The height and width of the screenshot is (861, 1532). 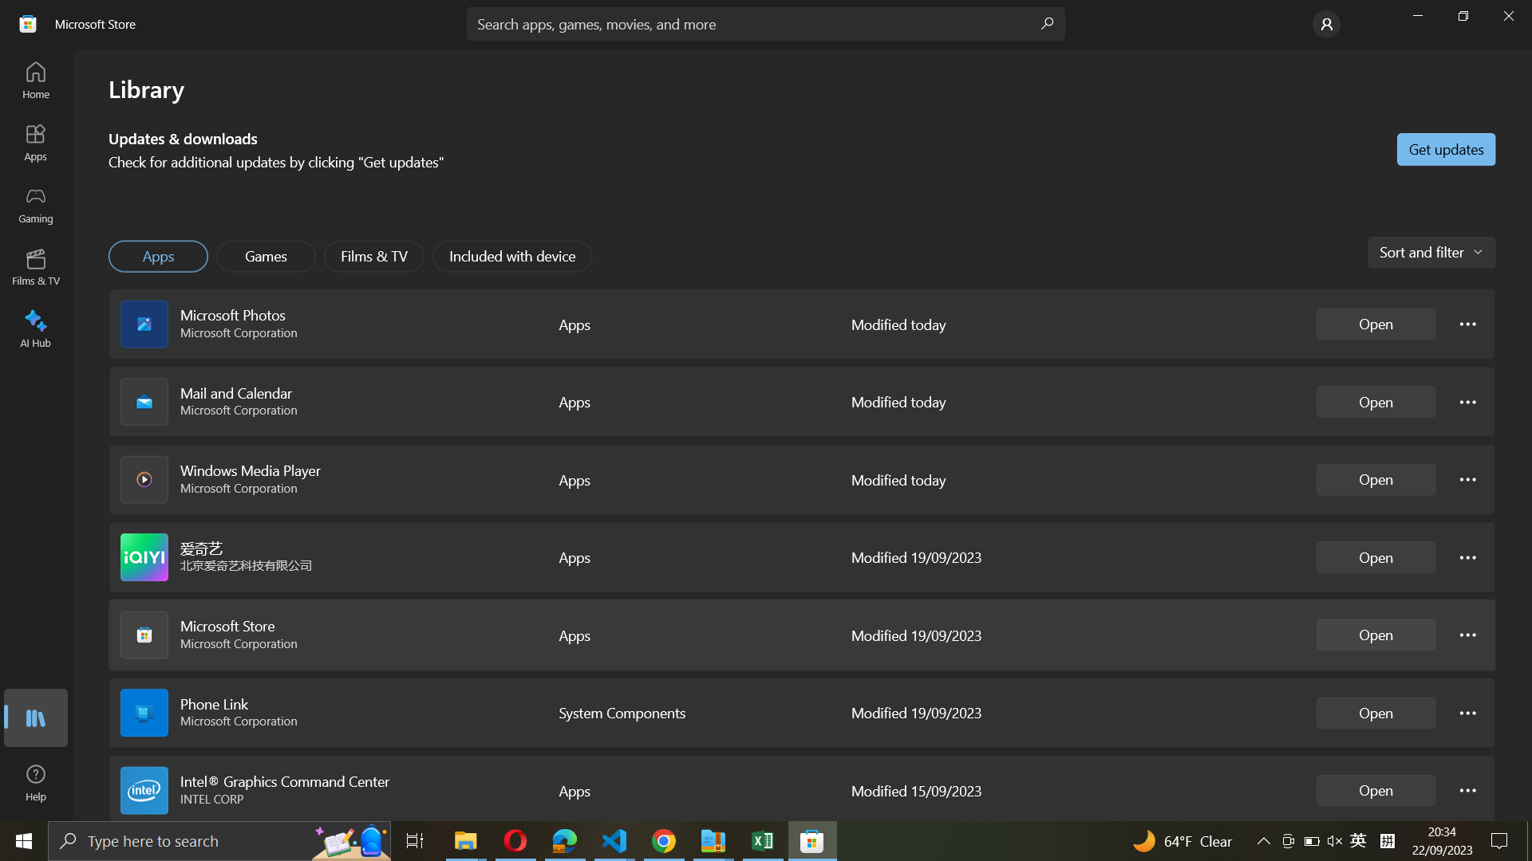 What do you see at coordinates (1467, 790) in the screenshot?
I see `Intel Graphics controls` at bounding box center [1467, 790].